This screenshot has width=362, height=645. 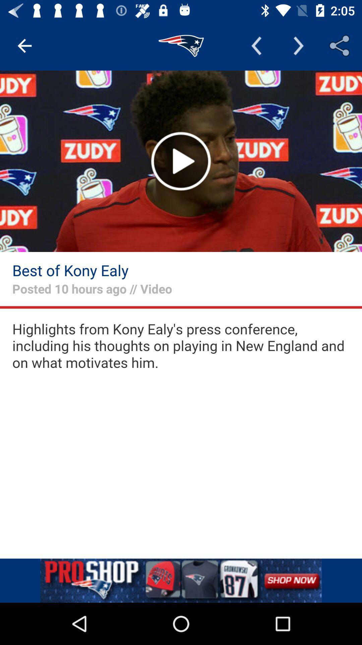 What do you see at coordinates (181, 580) in the screenshot?
I see `open advertisement` at bounding box center [181, 580].